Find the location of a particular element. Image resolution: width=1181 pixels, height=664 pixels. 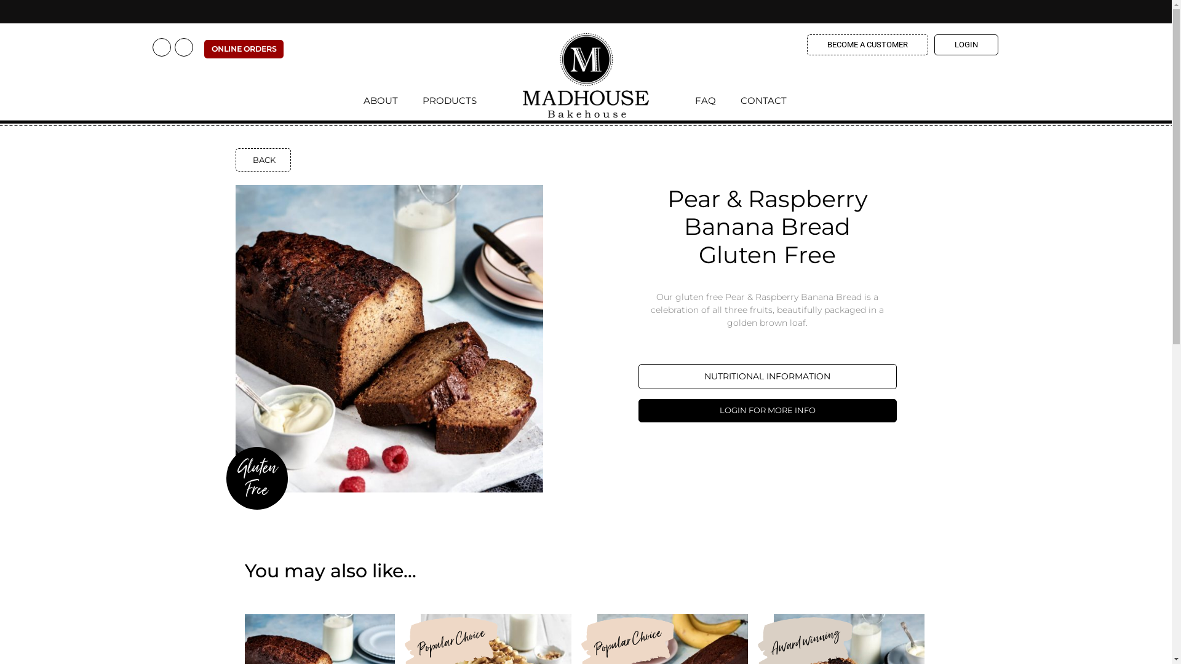

'breakfast-pearandraspberrybread- Gluten05' is located at coordinates (388, 338).